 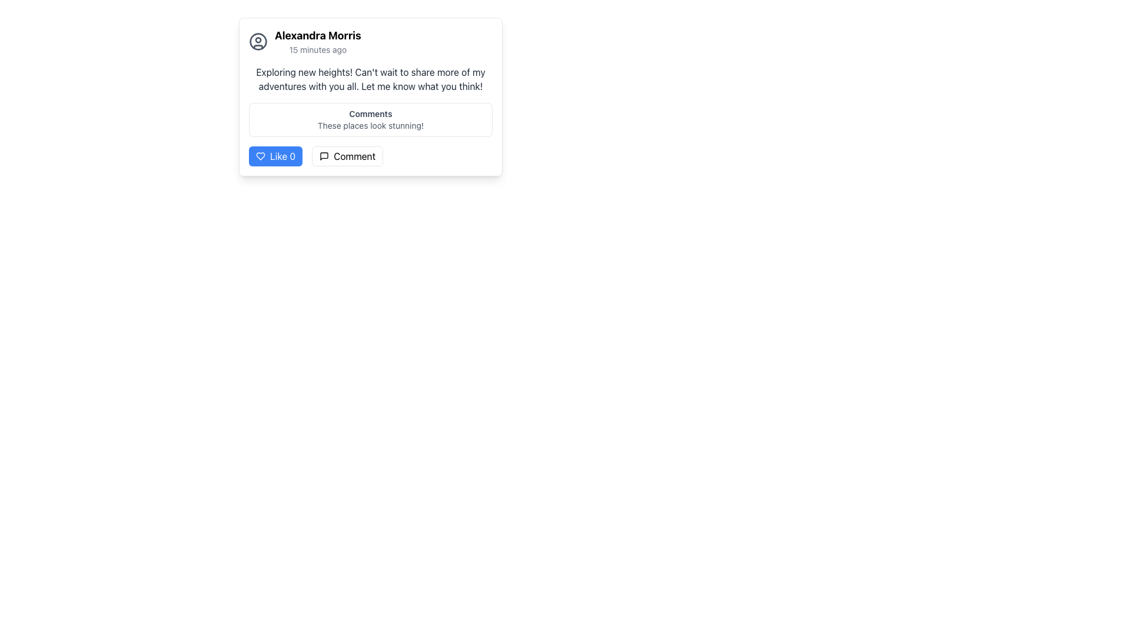 What do you see at coordinates (318, 41) in the screenshot?
I see `the Text Label that indicates the user's identity and provides a timestamp, positioned at the top-left corner of a rectangular card layout` at bounding box center [318, 41].